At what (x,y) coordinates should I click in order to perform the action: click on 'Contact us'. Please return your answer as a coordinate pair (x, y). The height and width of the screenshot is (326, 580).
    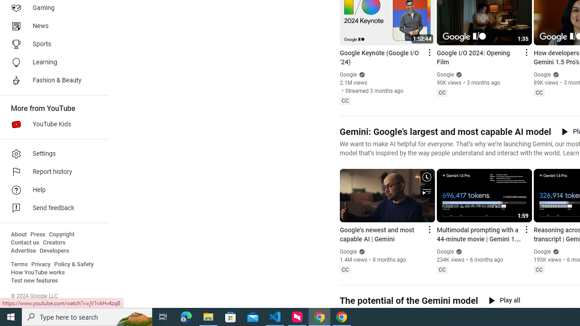
    Looking at the image, I should click on (25, 242).